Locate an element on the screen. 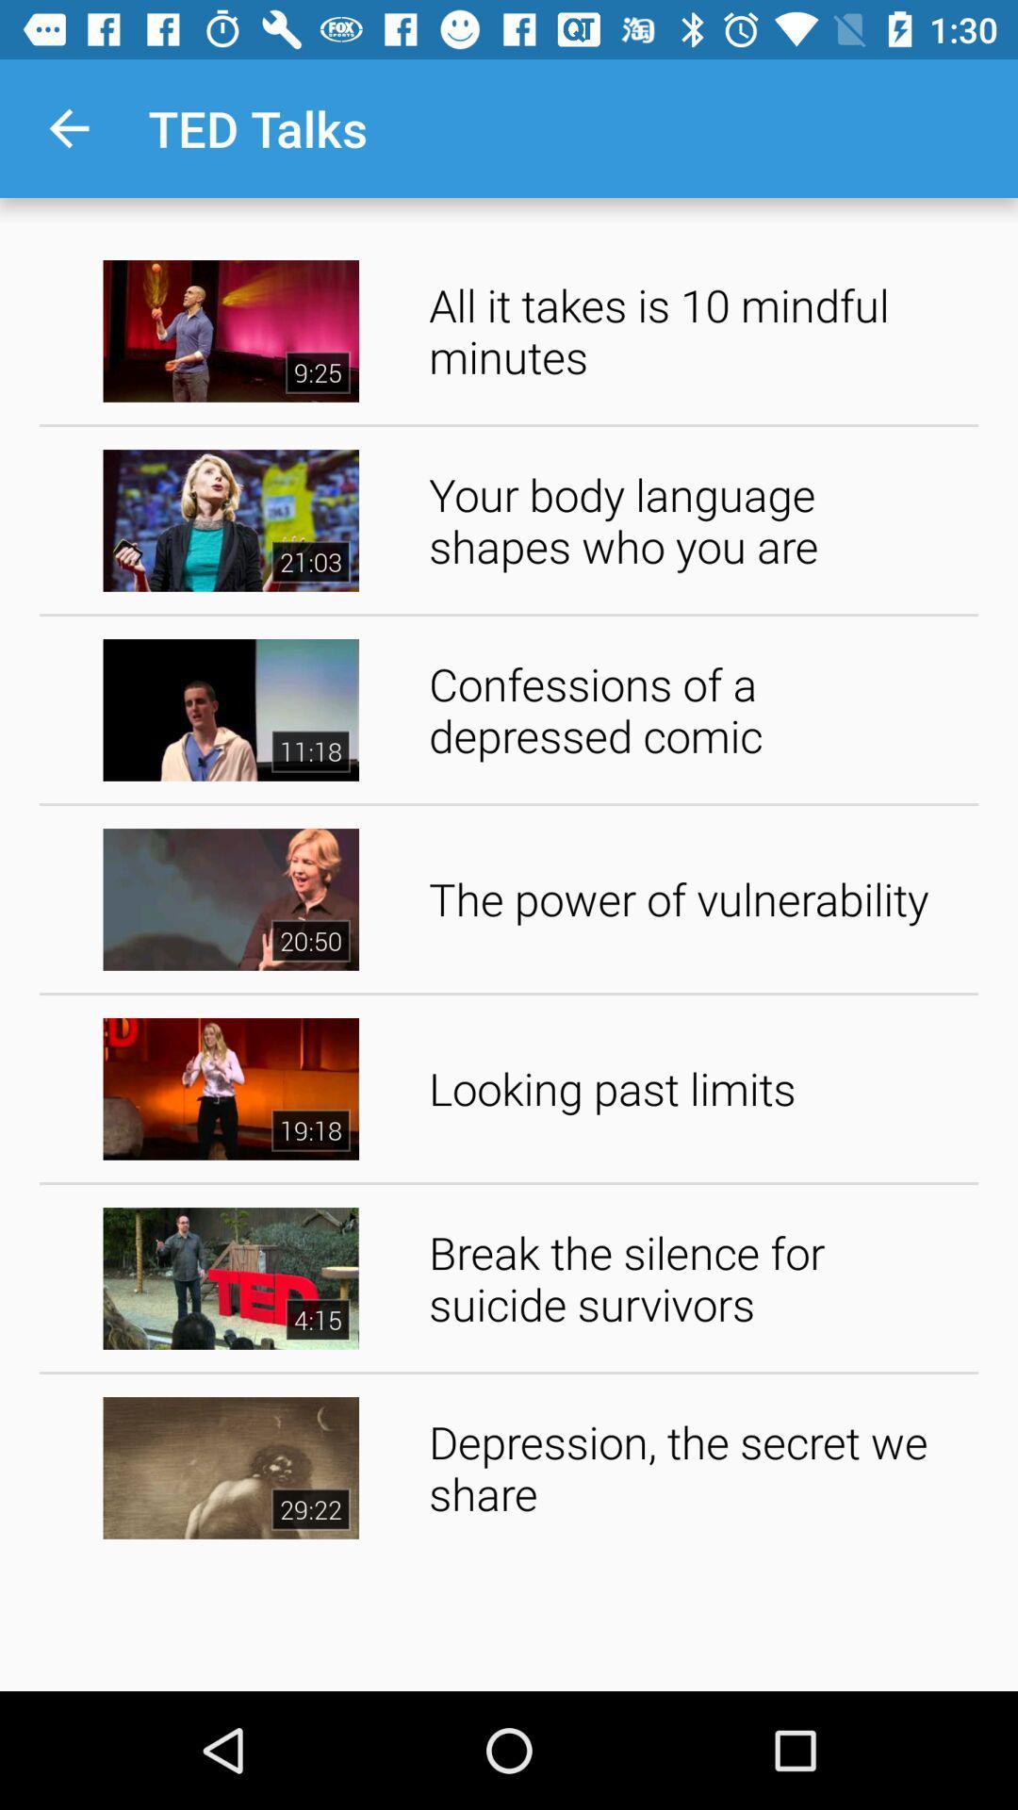  app above the power of is located at coordinates (697, 709).